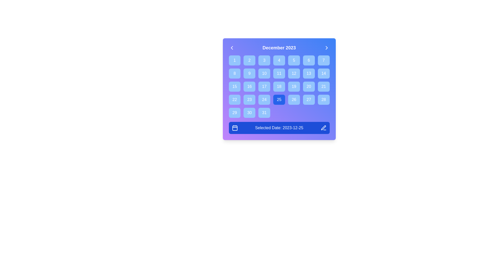  What do you see at coordinates (309, 74) in the screenshot?
I see `the button displaying the number '13' in the second row and sixth column of the calendar grid` at bounding box center [309, 74].